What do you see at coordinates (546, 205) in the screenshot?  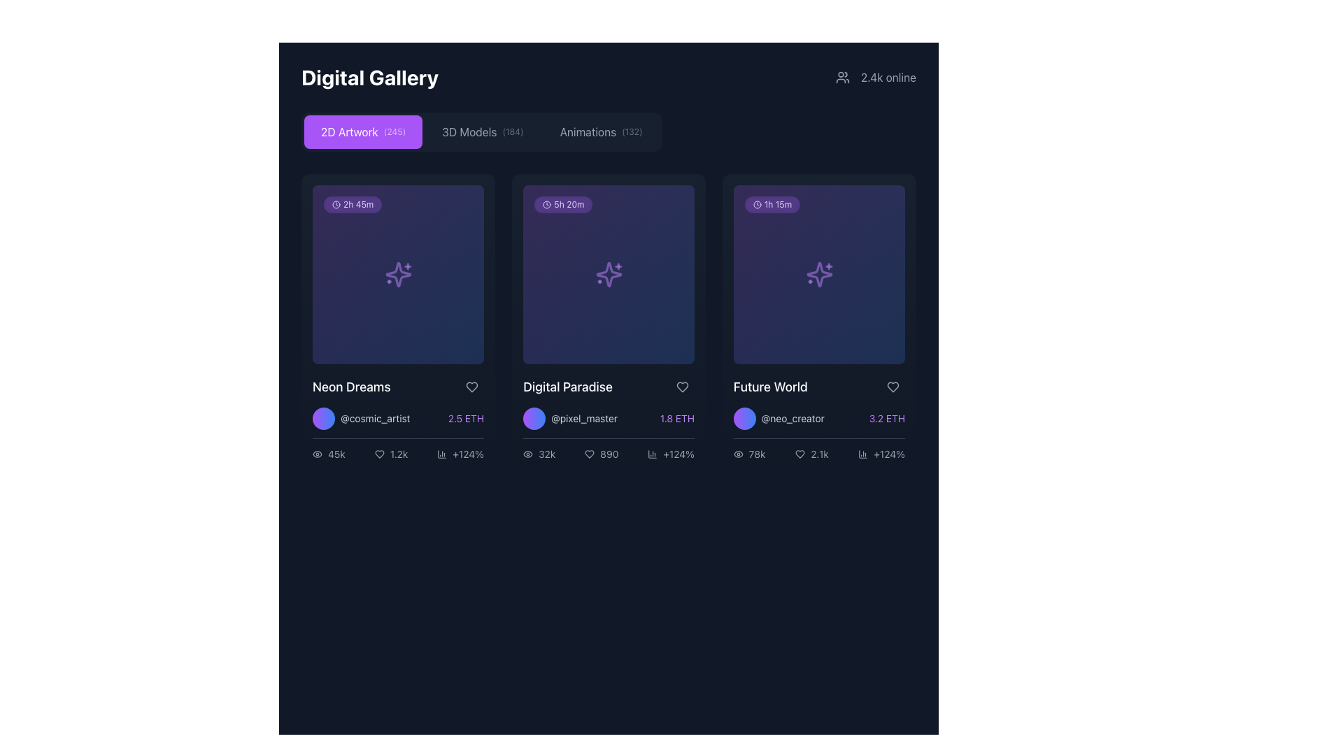 I see `the clock icon located in the top-left portion of the 'Digital Paradise' card, which visually indicates time-related information along with the text '5h 20m'` at bounding box center [546, 205].